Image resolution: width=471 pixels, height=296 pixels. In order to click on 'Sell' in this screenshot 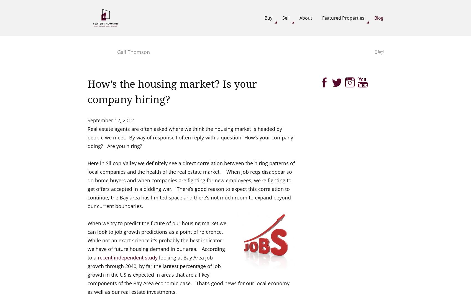, I will do `click(286, 17)`.